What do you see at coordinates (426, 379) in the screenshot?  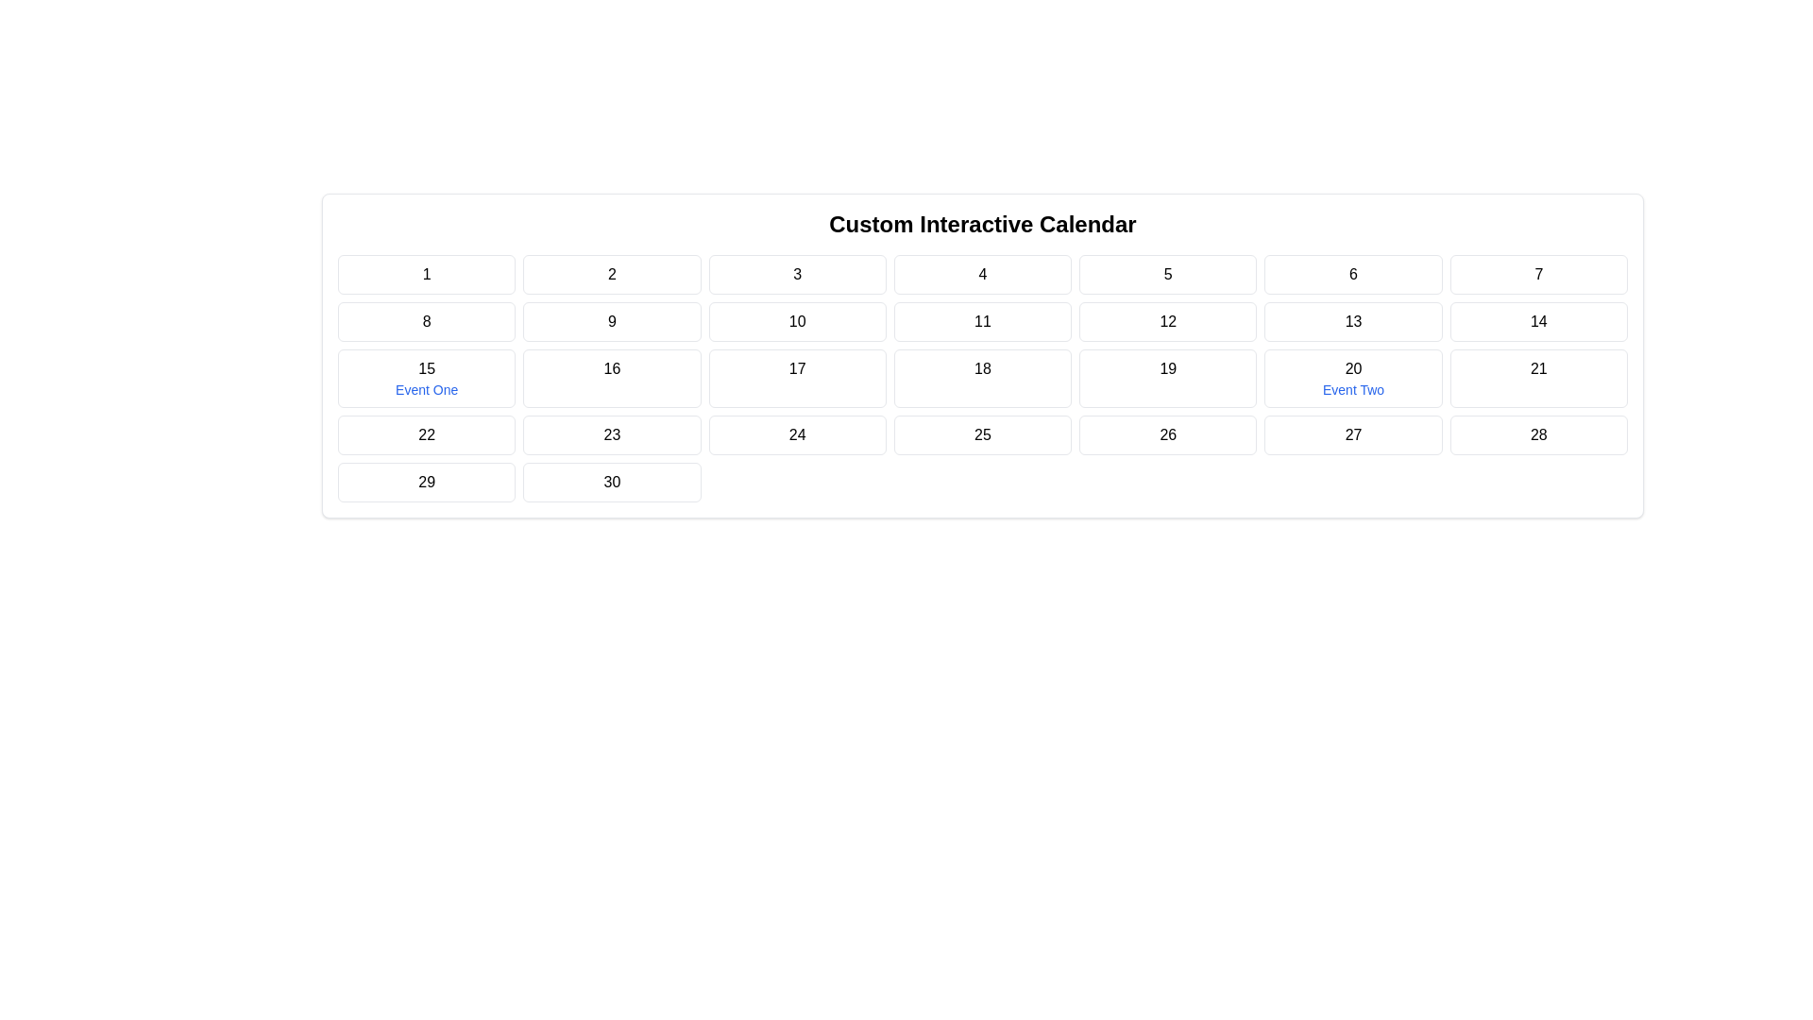 I see `the interactive calendar date button` at bounding box center [426, 379].